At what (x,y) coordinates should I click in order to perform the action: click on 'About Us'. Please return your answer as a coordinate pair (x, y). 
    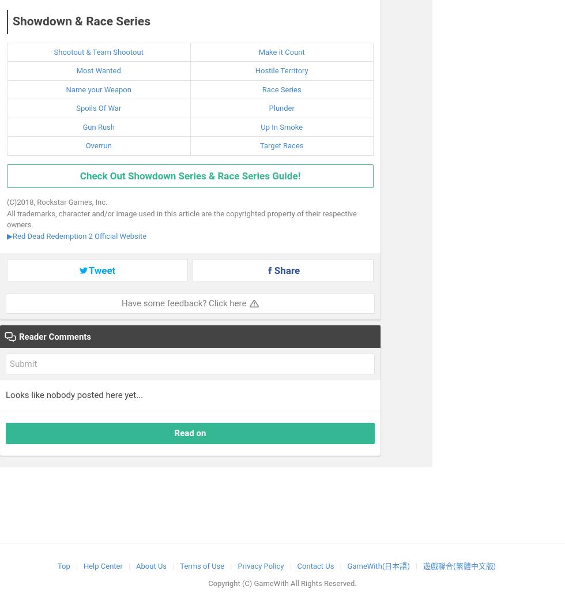
    Looking at the image, I should click on (151, 565).